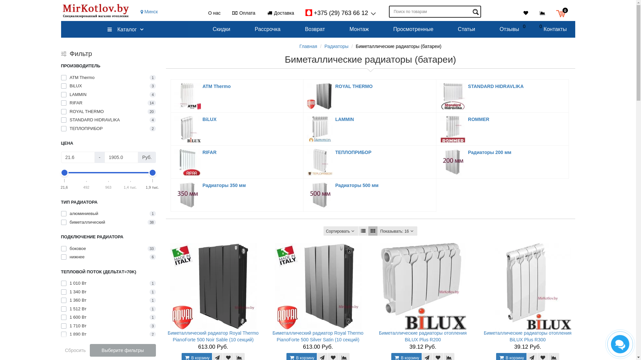 The height and width of the screenshot is (360, 641). What do you see at coordinates (108, 95) in the screenshot?
I see `'LAMMIN` at bounding box center [108, 95].